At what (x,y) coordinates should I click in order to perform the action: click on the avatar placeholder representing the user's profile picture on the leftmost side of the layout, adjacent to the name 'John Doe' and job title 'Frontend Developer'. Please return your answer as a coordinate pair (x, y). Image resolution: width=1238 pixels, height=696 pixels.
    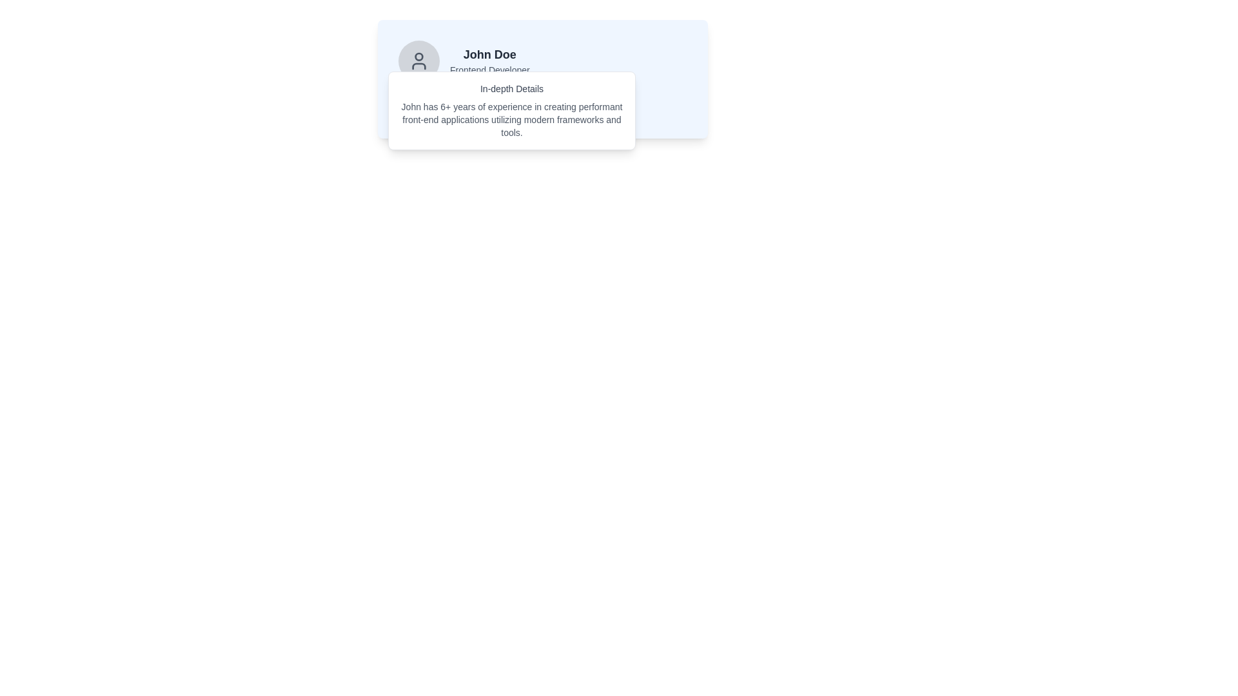
    Looking at the image, I should click on (418, 61).